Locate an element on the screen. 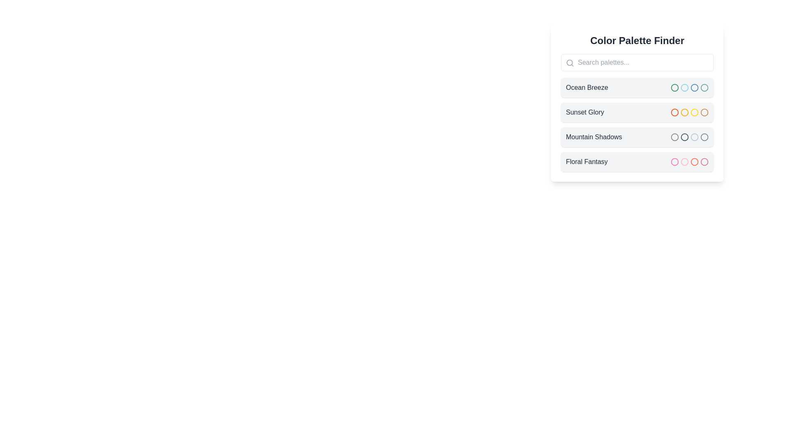  the Color indicator icon, which is the small circular icon with a teal border located to the right of the 'Ocean Breeze' text label, as the fourth icon in the sequence is located at coordinates (704, 87).